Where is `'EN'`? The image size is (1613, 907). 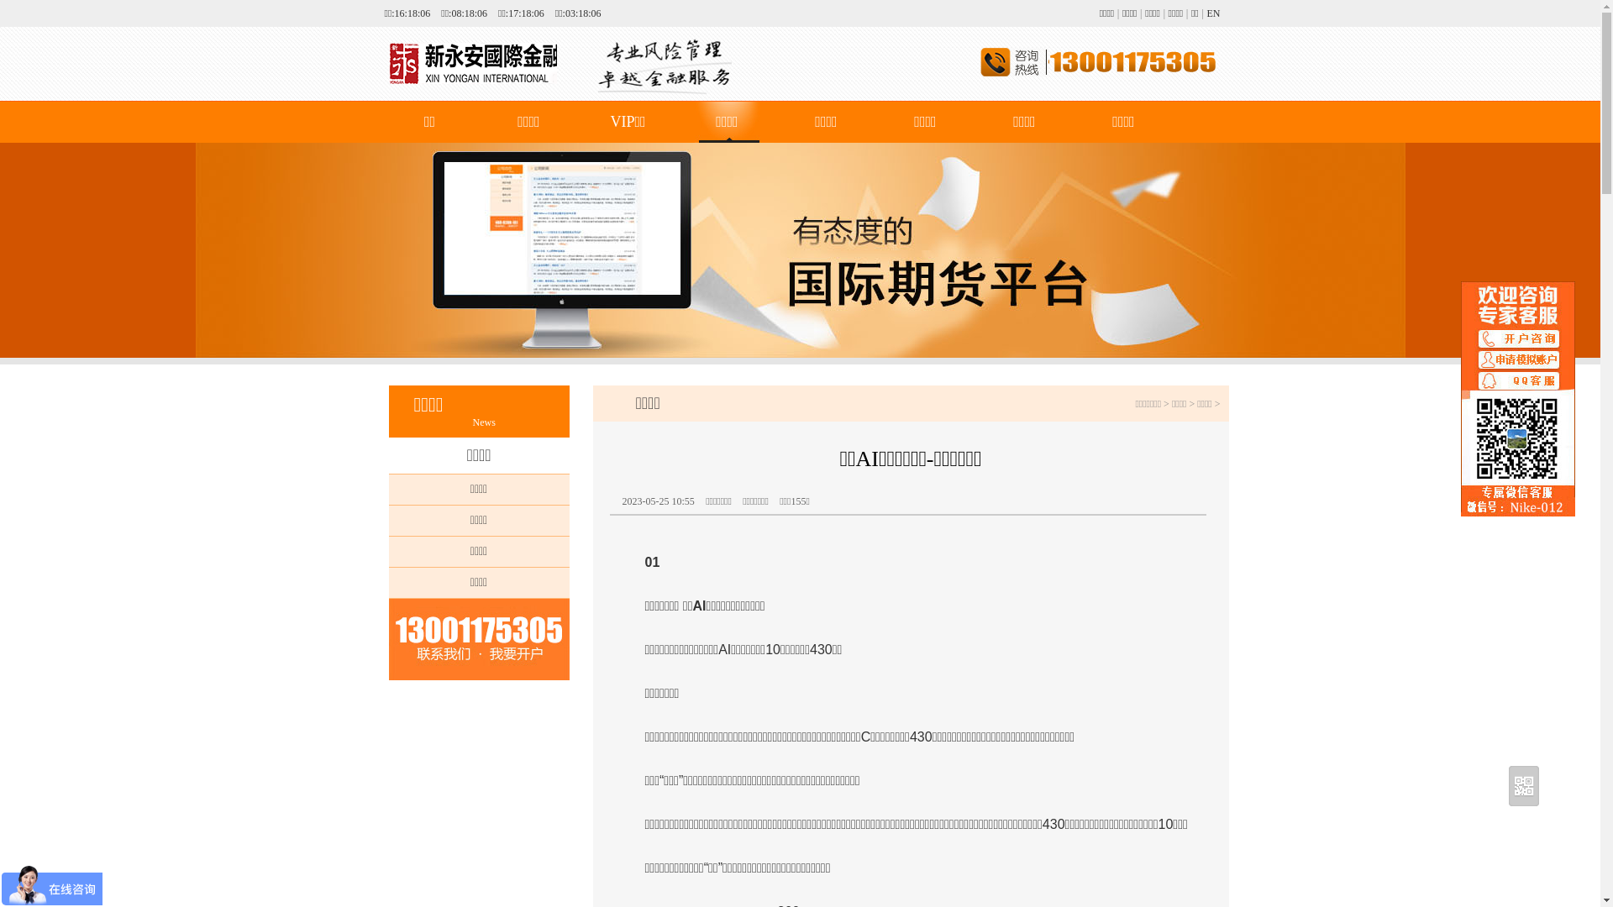
'EN' is located at coordinates (1213, 13).